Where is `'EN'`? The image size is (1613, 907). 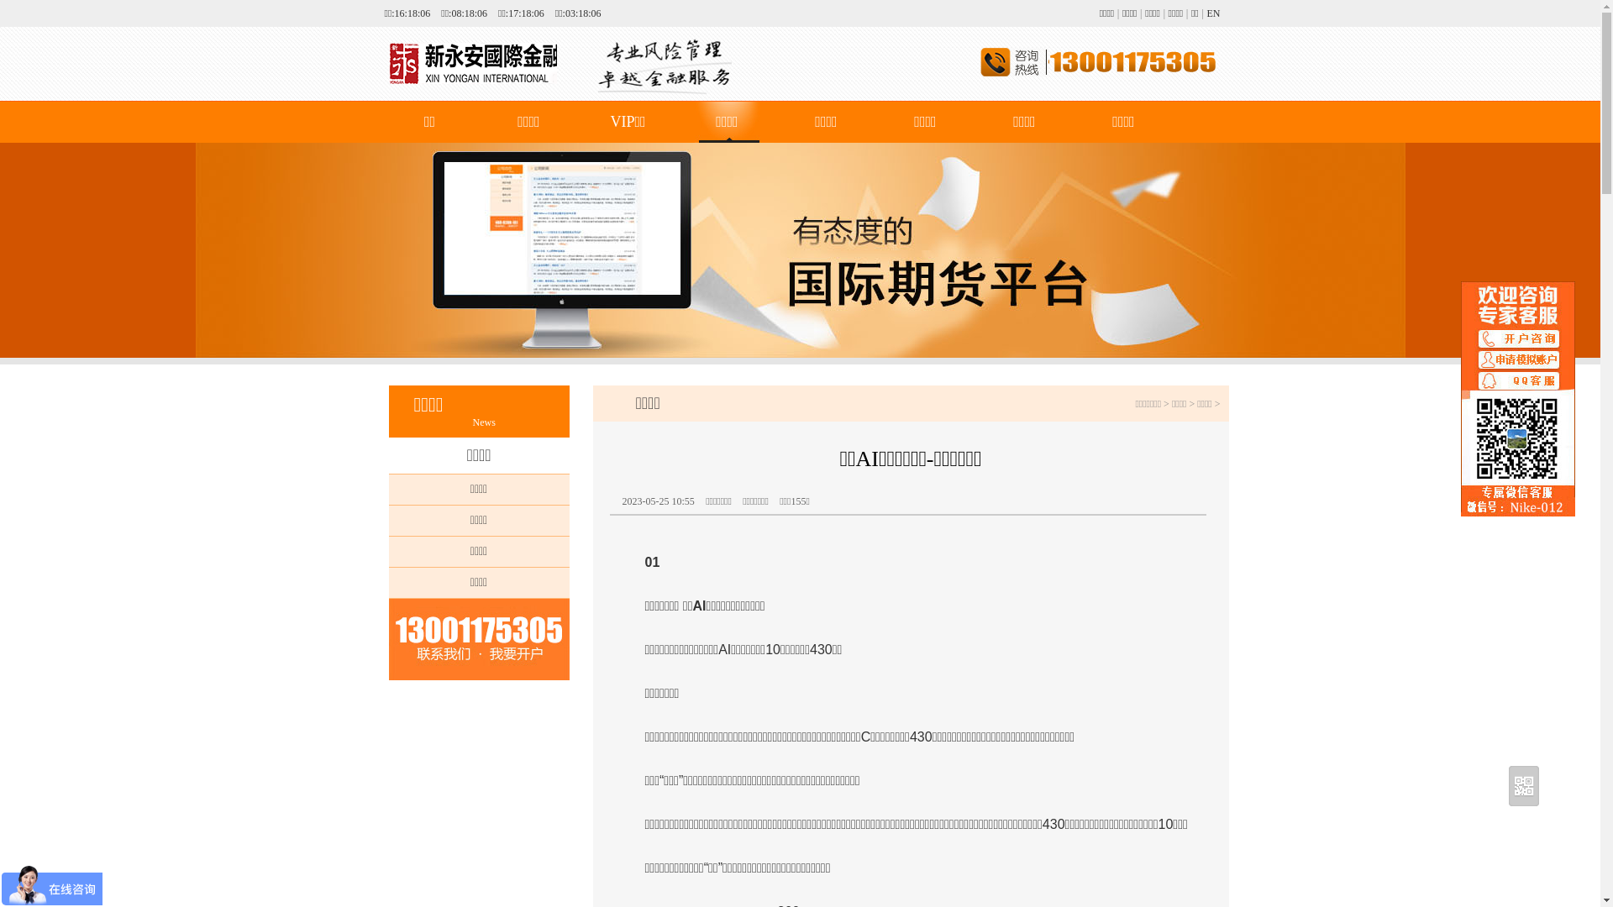
'EN' is located at coordinates (1213, 13).